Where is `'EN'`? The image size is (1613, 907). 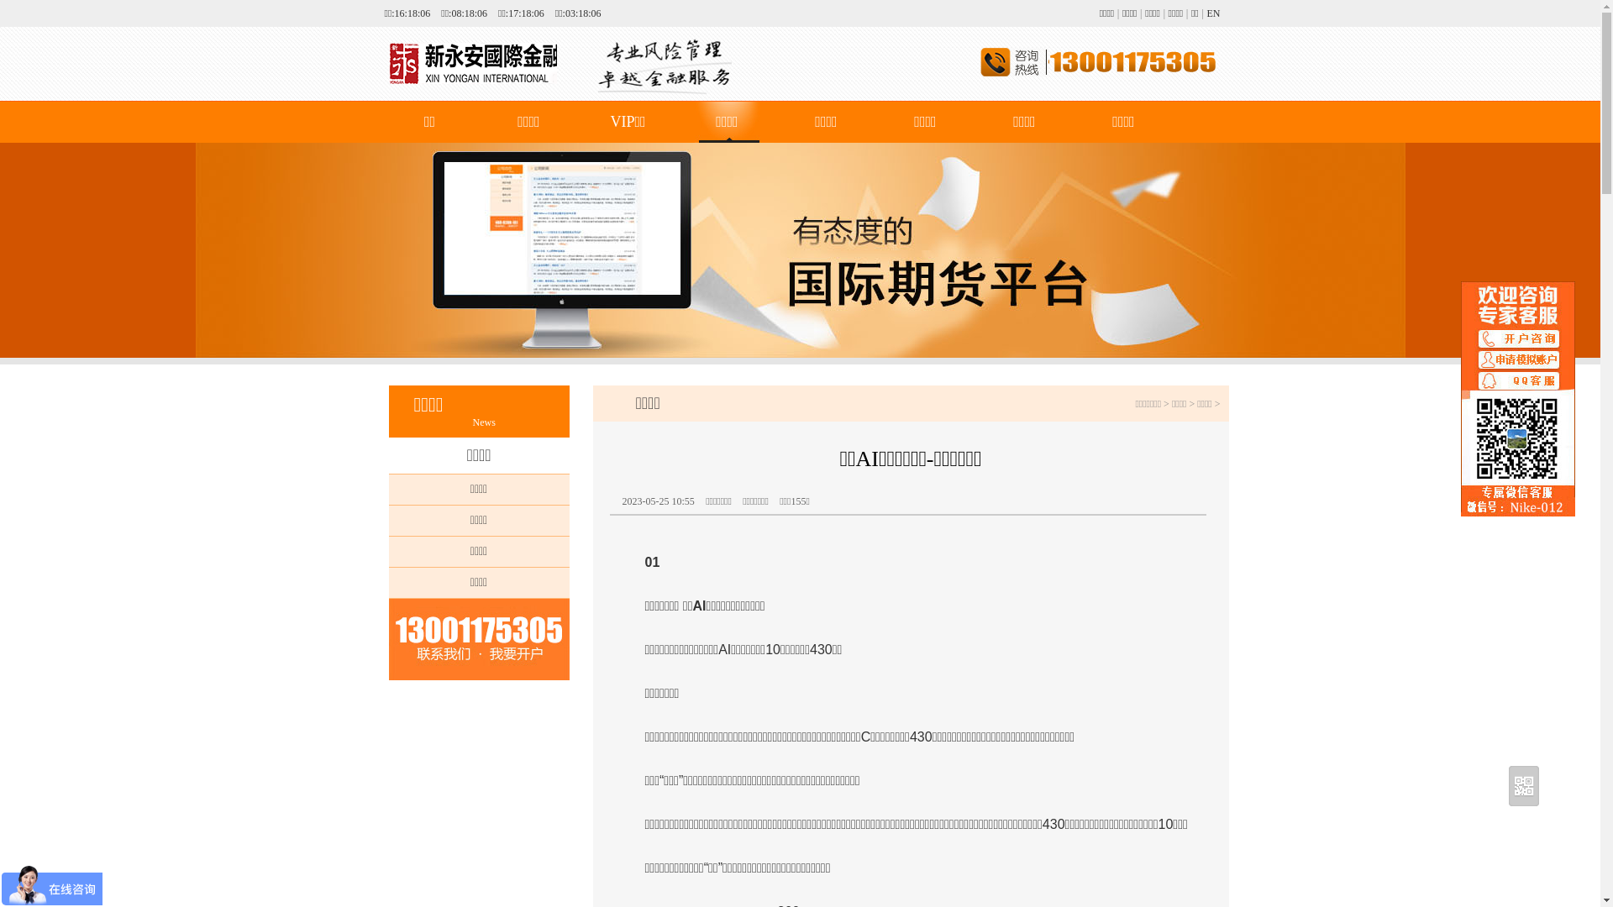
'EN' is located at coordinates (1213, 13).